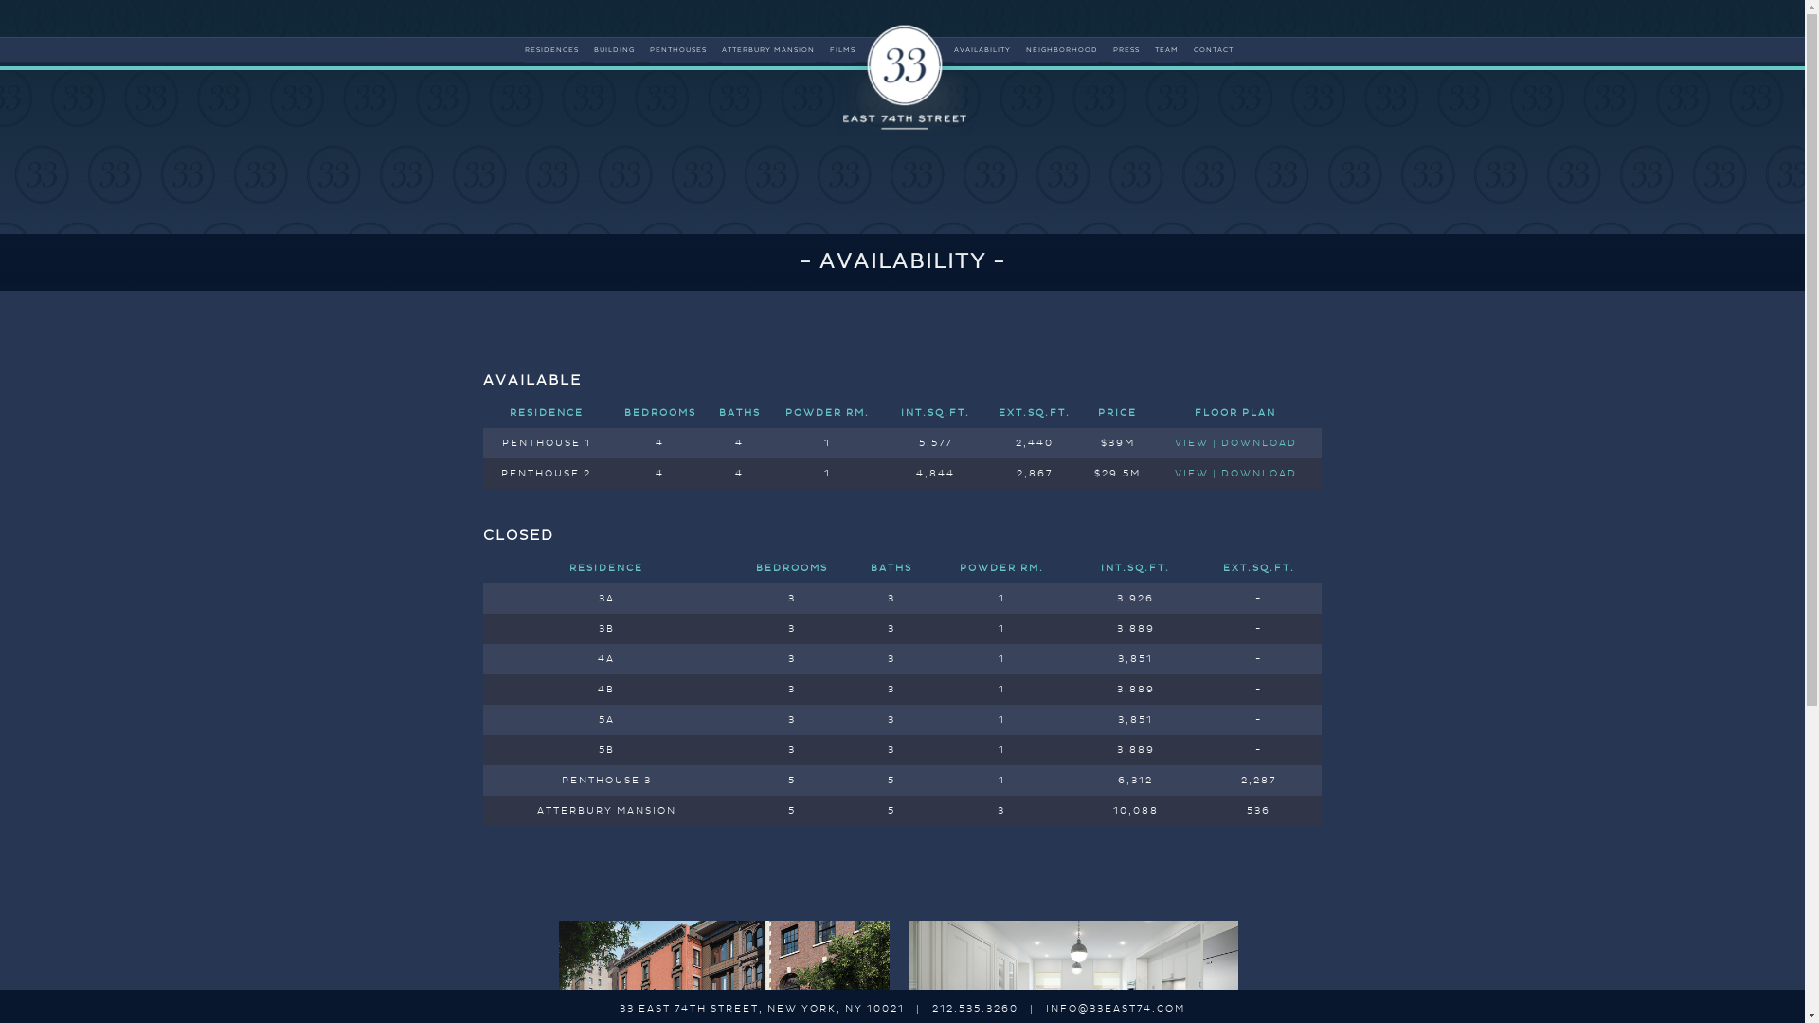 The image size is (1819, 1023). What do you see at coordinates (1214, 49) in the screenshot?
I see `'CONTACT'` at bounding box center [1214, 49].